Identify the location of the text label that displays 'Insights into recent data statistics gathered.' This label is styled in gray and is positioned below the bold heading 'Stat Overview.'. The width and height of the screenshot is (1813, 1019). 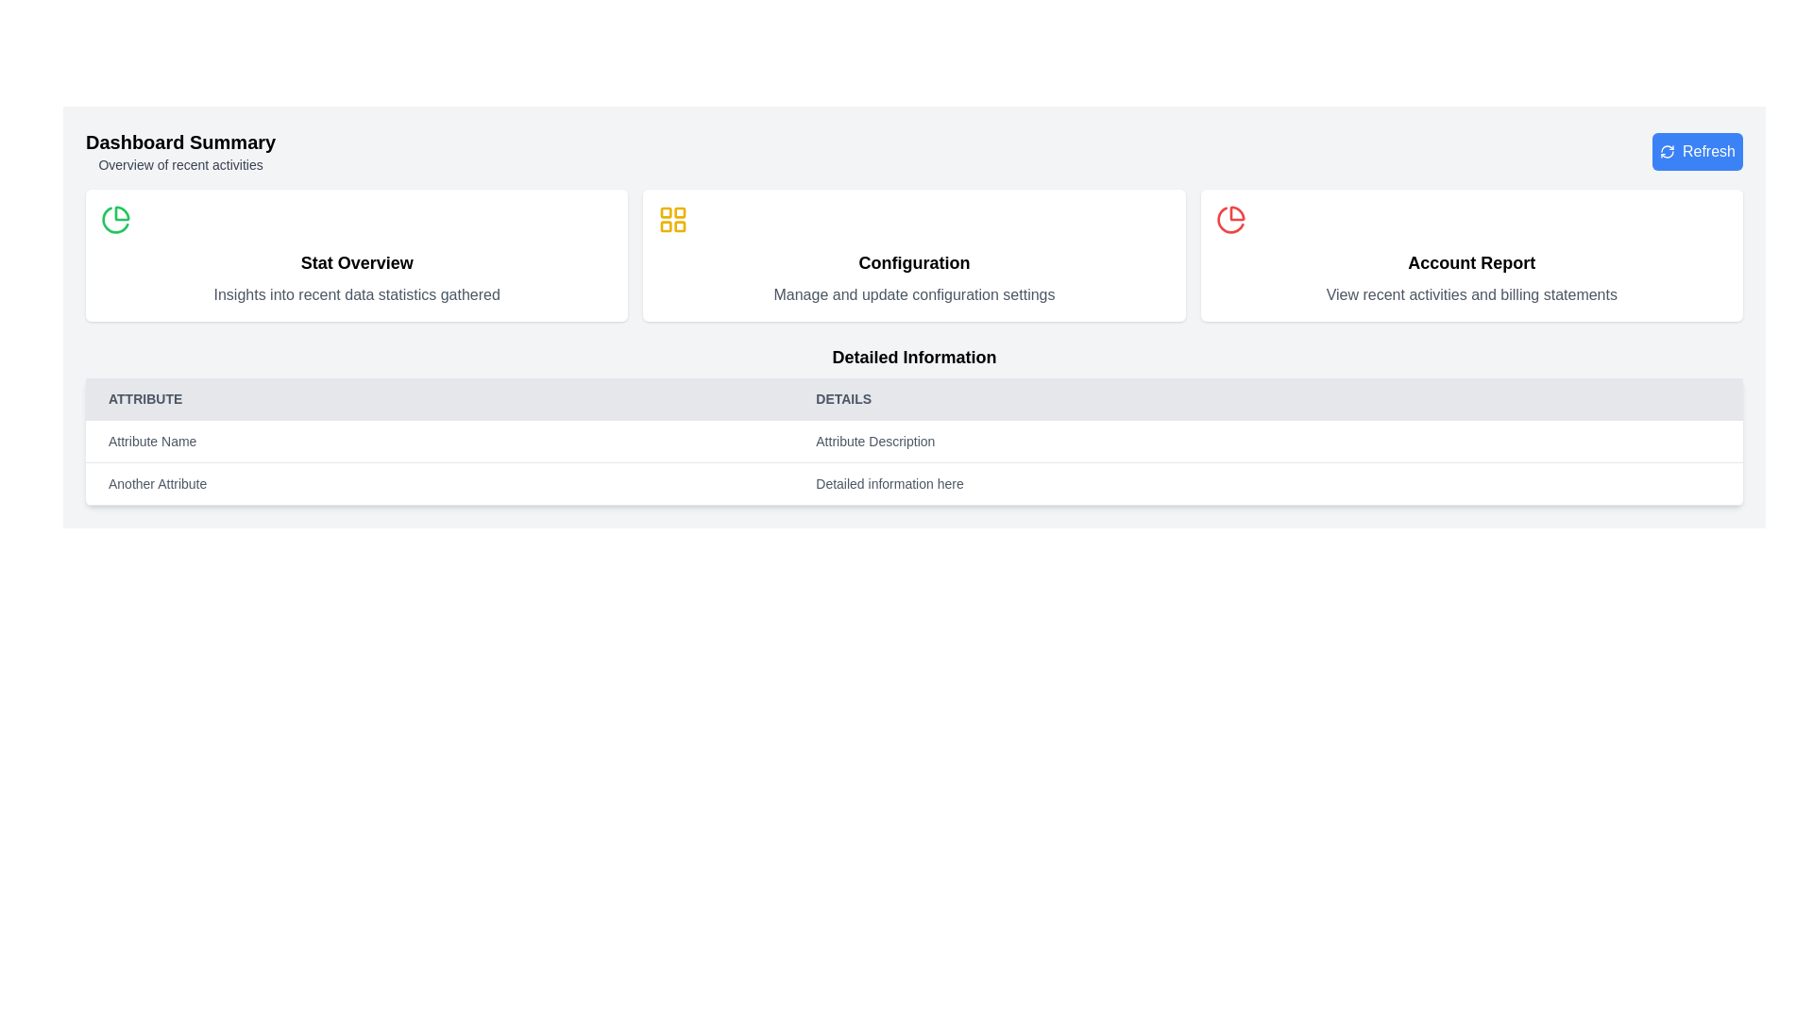
(357, 294).